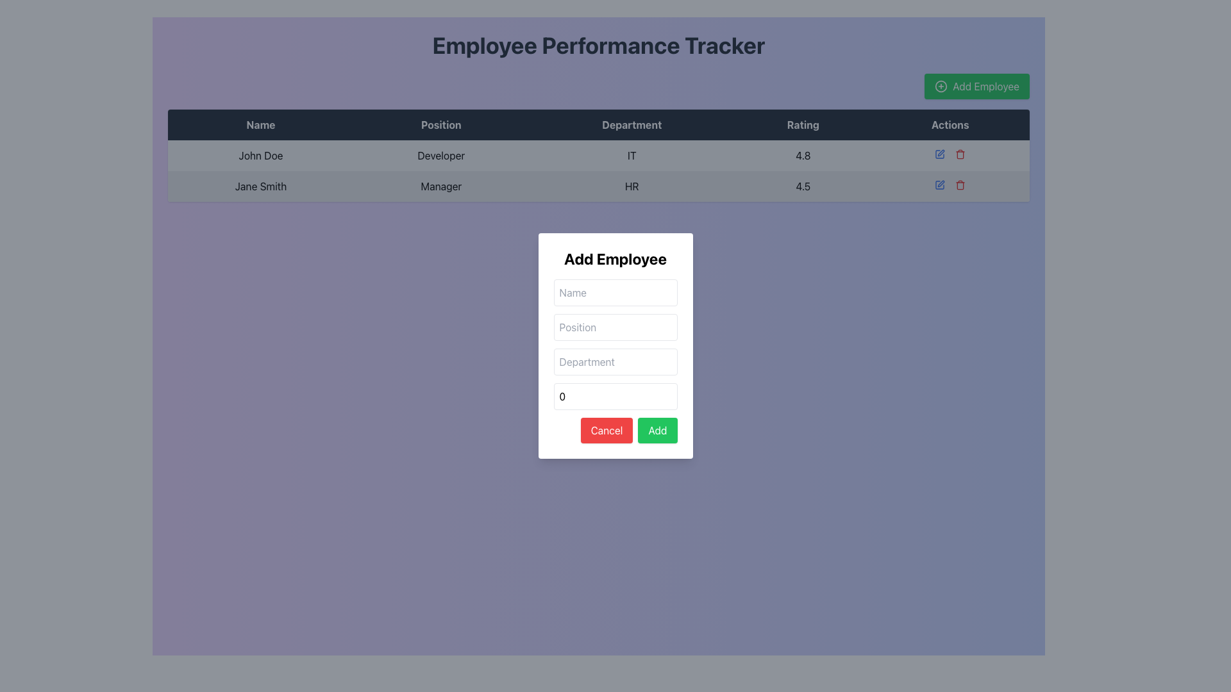  Describe the element at coordinates (802, 186) in the screenshot. I see `the text label displaying '4.5' in bold, located in the 'Rating' column of the second row for employee 'Jane Smith'` at that location.